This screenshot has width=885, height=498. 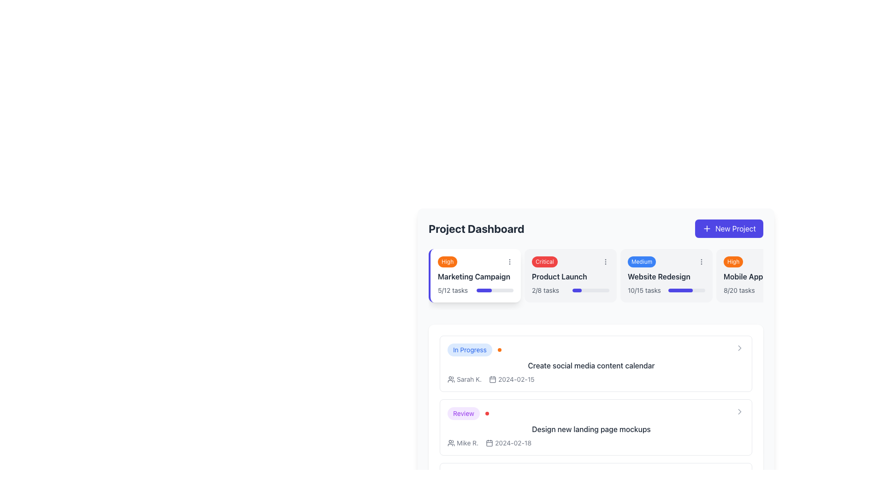 What do you see at coordinates (739, 348) in the screenshot?
I see `the navigational icon located at the top-right corner of the 'Create social media content calendar' box` at bounding box center [739, 348].